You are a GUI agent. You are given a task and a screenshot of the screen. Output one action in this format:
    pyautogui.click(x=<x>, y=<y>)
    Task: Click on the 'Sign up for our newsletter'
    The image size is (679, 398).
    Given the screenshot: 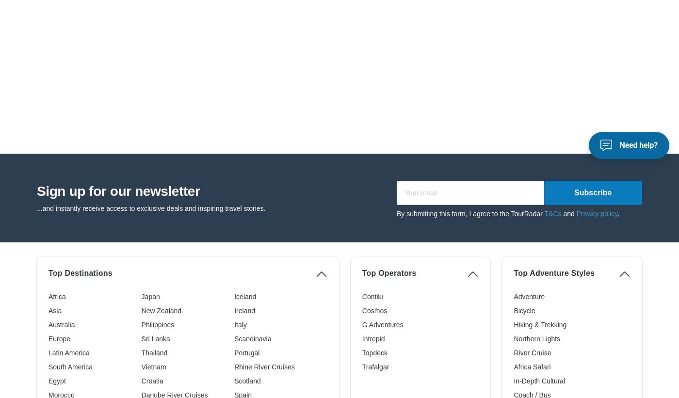 What is the action you would take?
    pyautogui.click(x=118, y=35)
    